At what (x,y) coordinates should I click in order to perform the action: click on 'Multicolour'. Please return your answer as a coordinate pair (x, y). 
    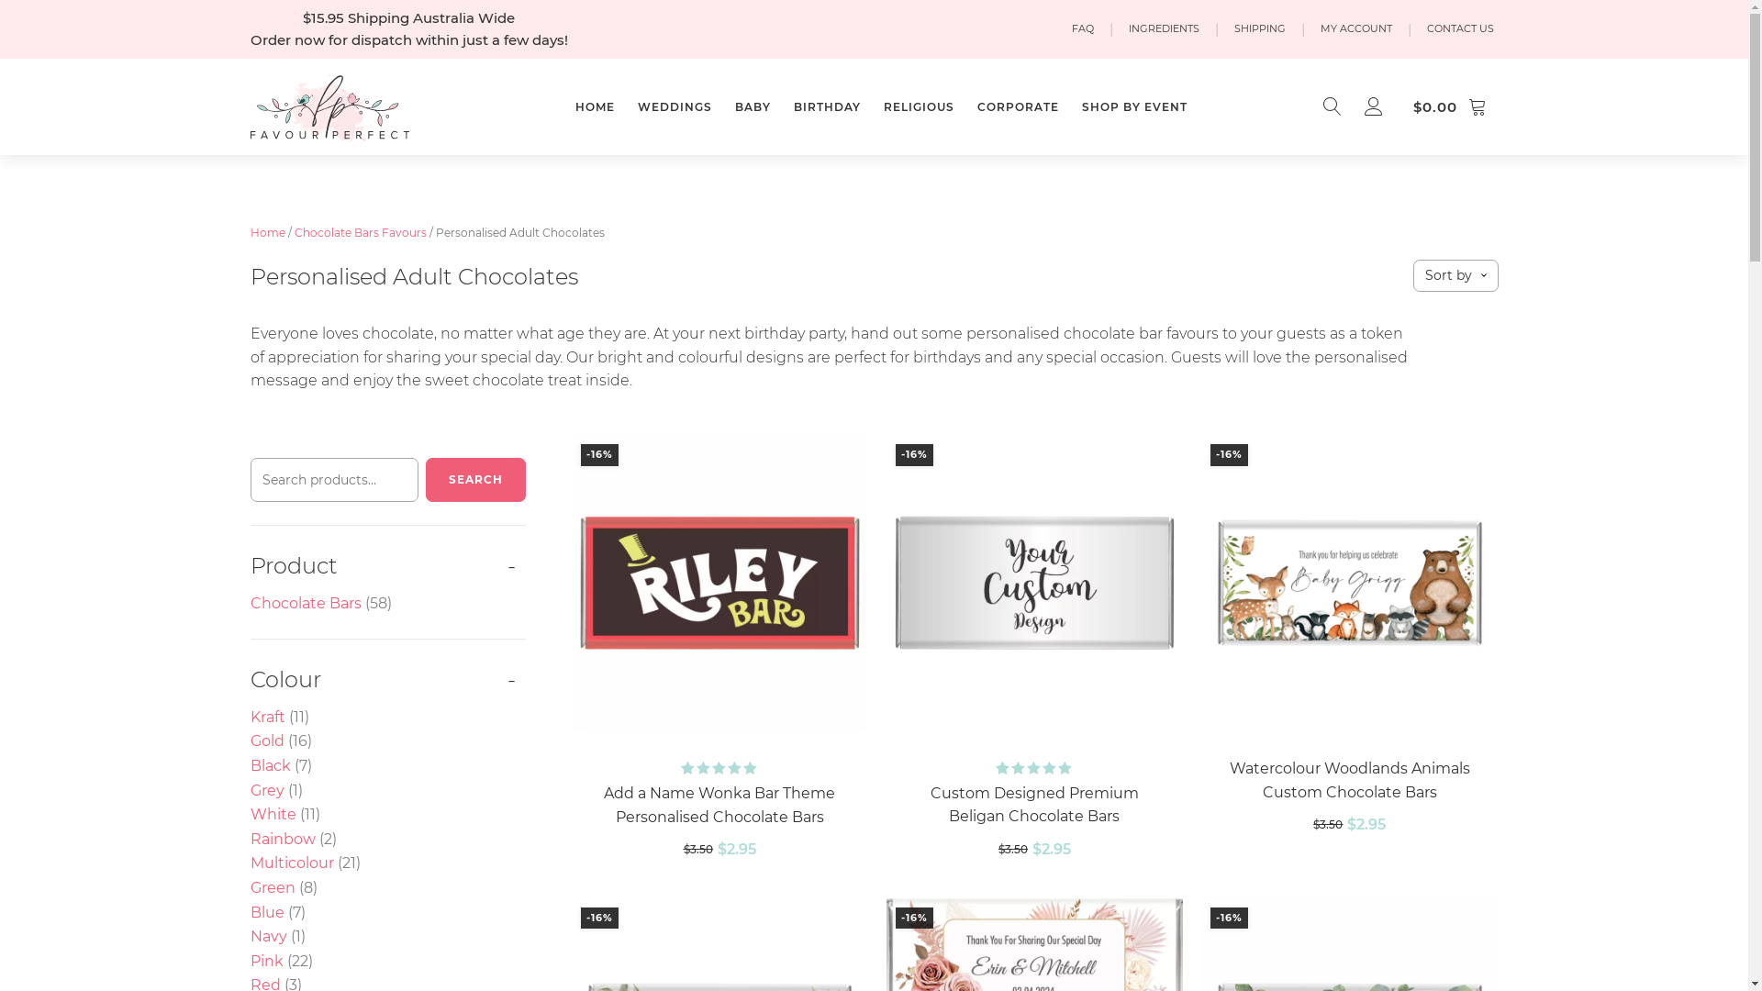
    Looking at the image, I should click on (290, 863).